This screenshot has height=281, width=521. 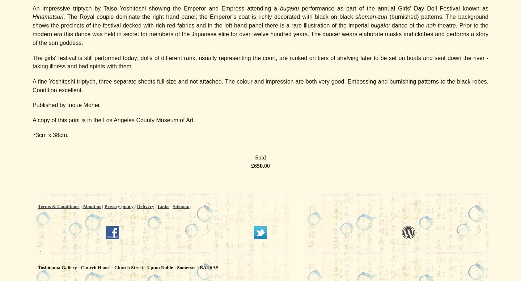 I want to click on 'Terms & Conditions', so click(x=38, y=206).